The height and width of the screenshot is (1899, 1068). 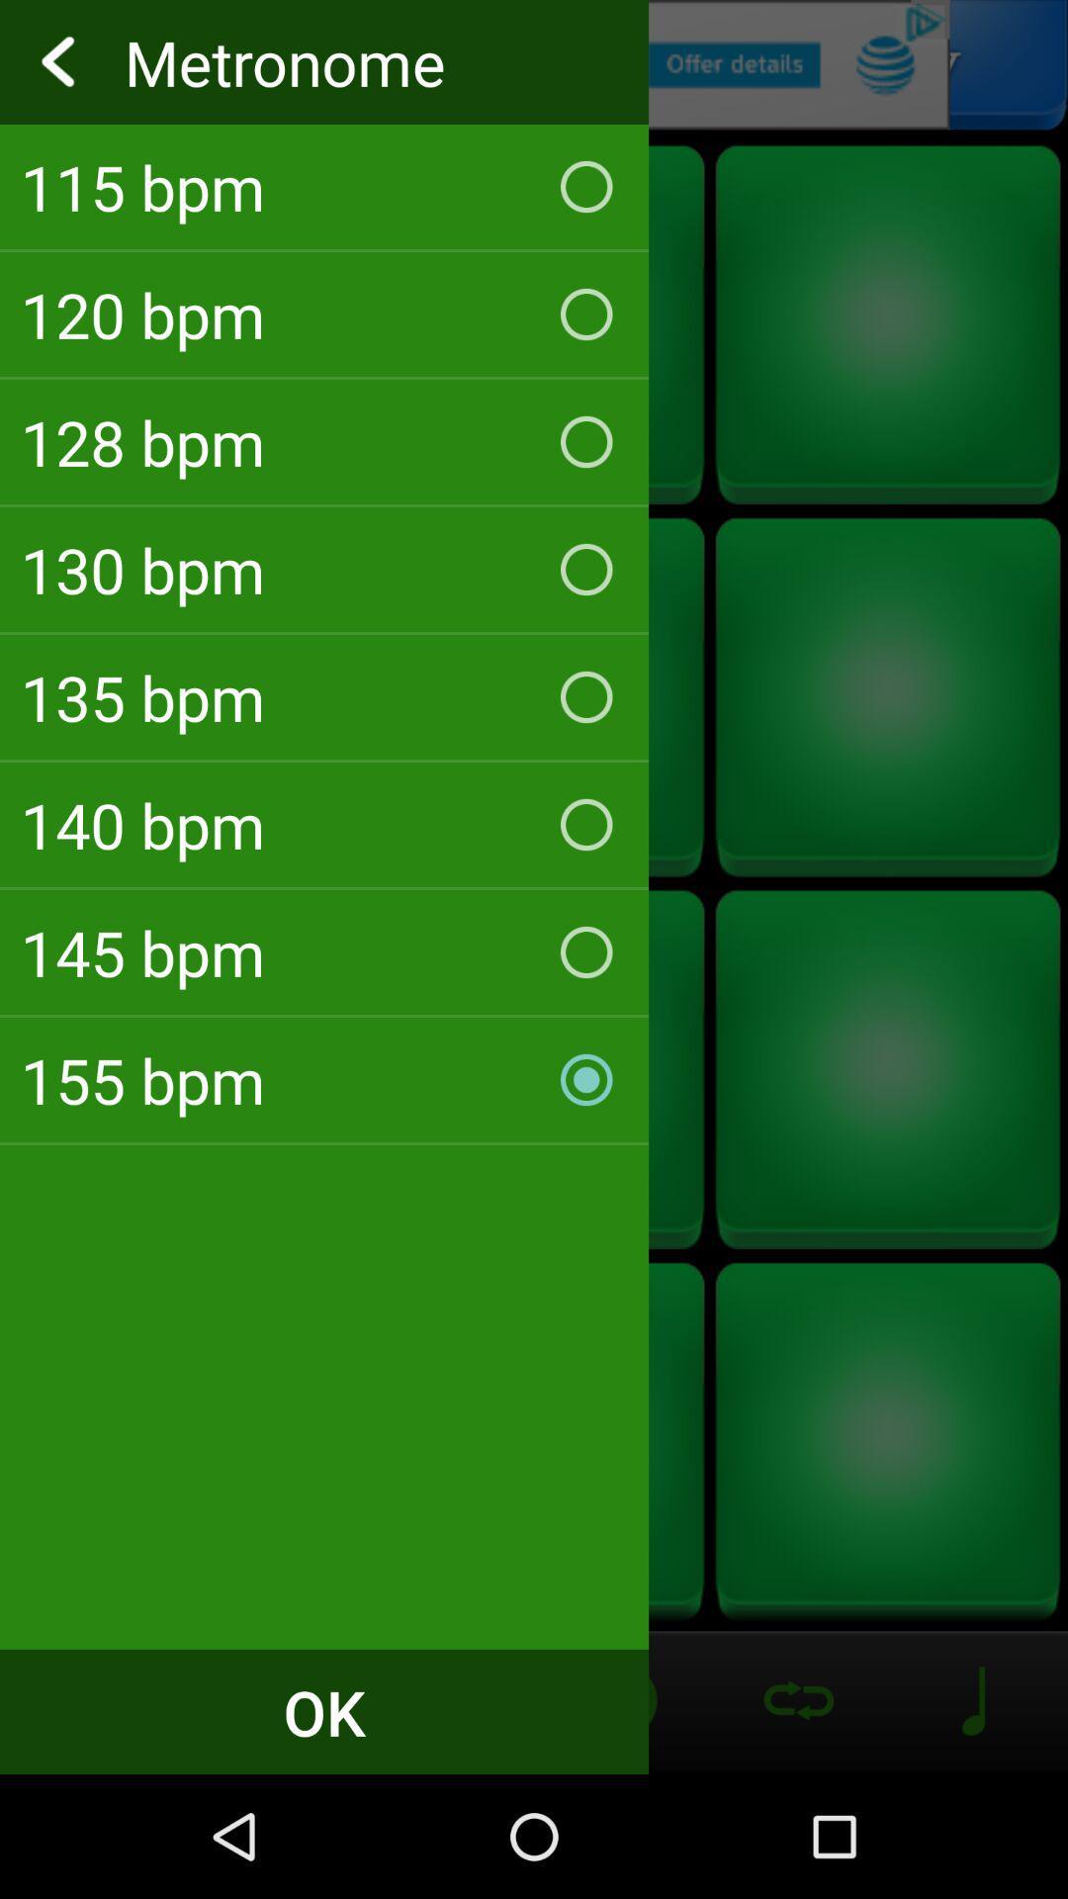 What do you see at coordinates (323, 697) in the screenshot?
I see `the icon above 140 bpm checkbox` at bounding box center [323, 697].